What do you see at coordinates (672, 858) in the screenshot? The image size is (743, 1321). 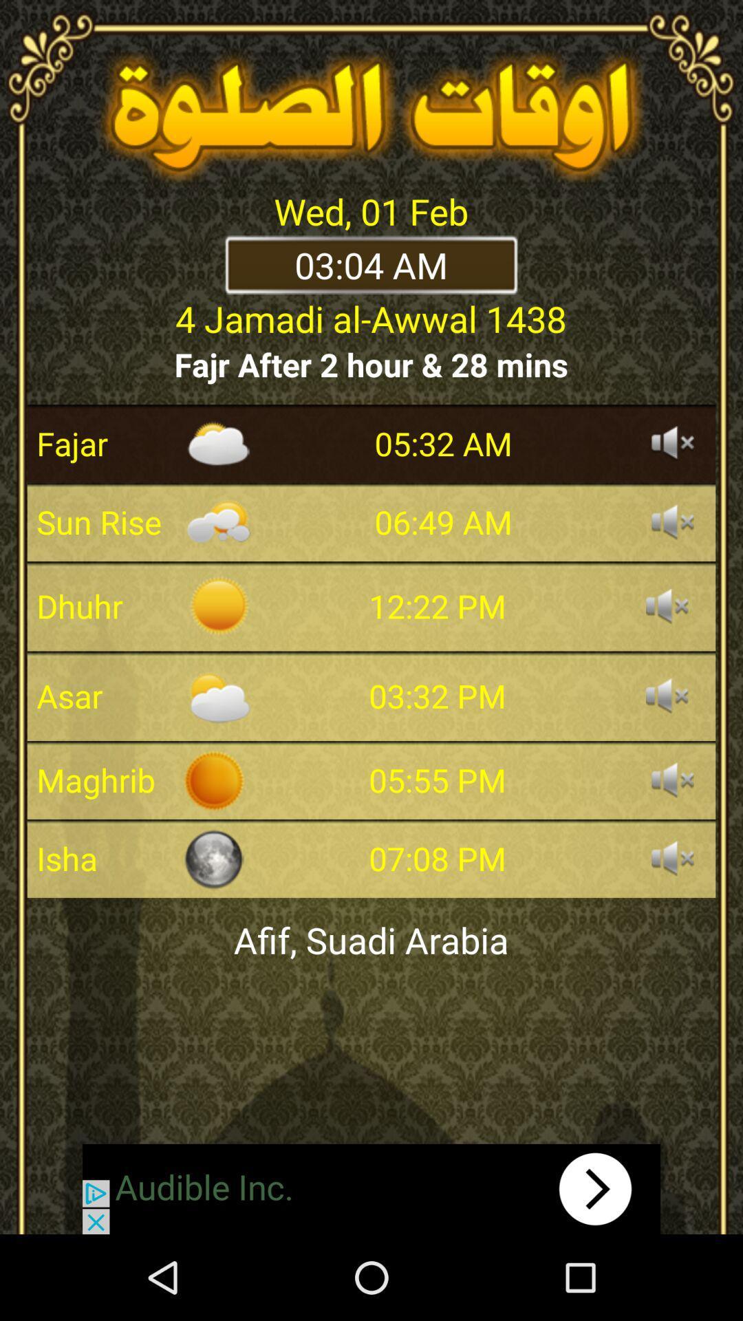 I see `audio` at bounding box center [672, 858].